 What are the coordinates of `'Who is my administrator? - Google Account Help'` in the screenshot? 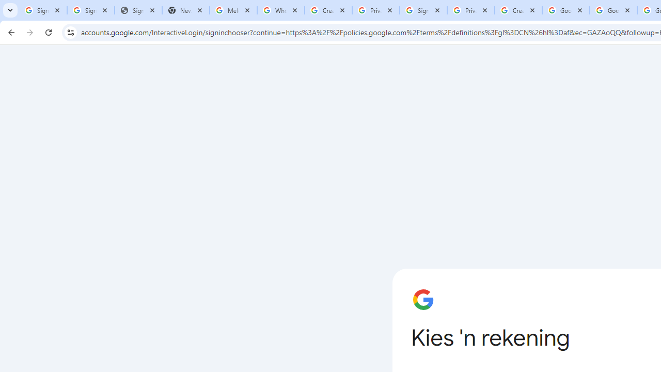 It's located at (281, 10).